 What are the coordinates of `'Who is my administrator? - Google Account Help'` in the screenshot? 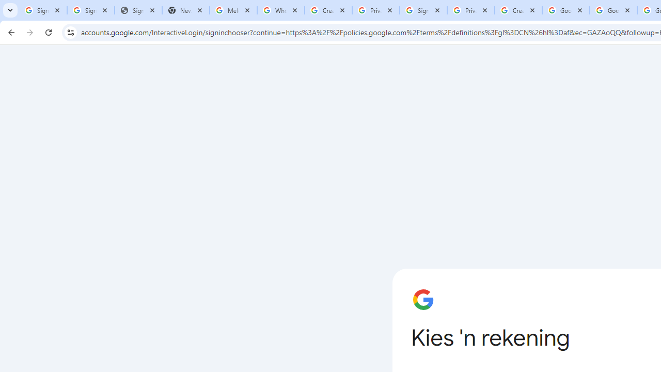 It's located at (281, 10).